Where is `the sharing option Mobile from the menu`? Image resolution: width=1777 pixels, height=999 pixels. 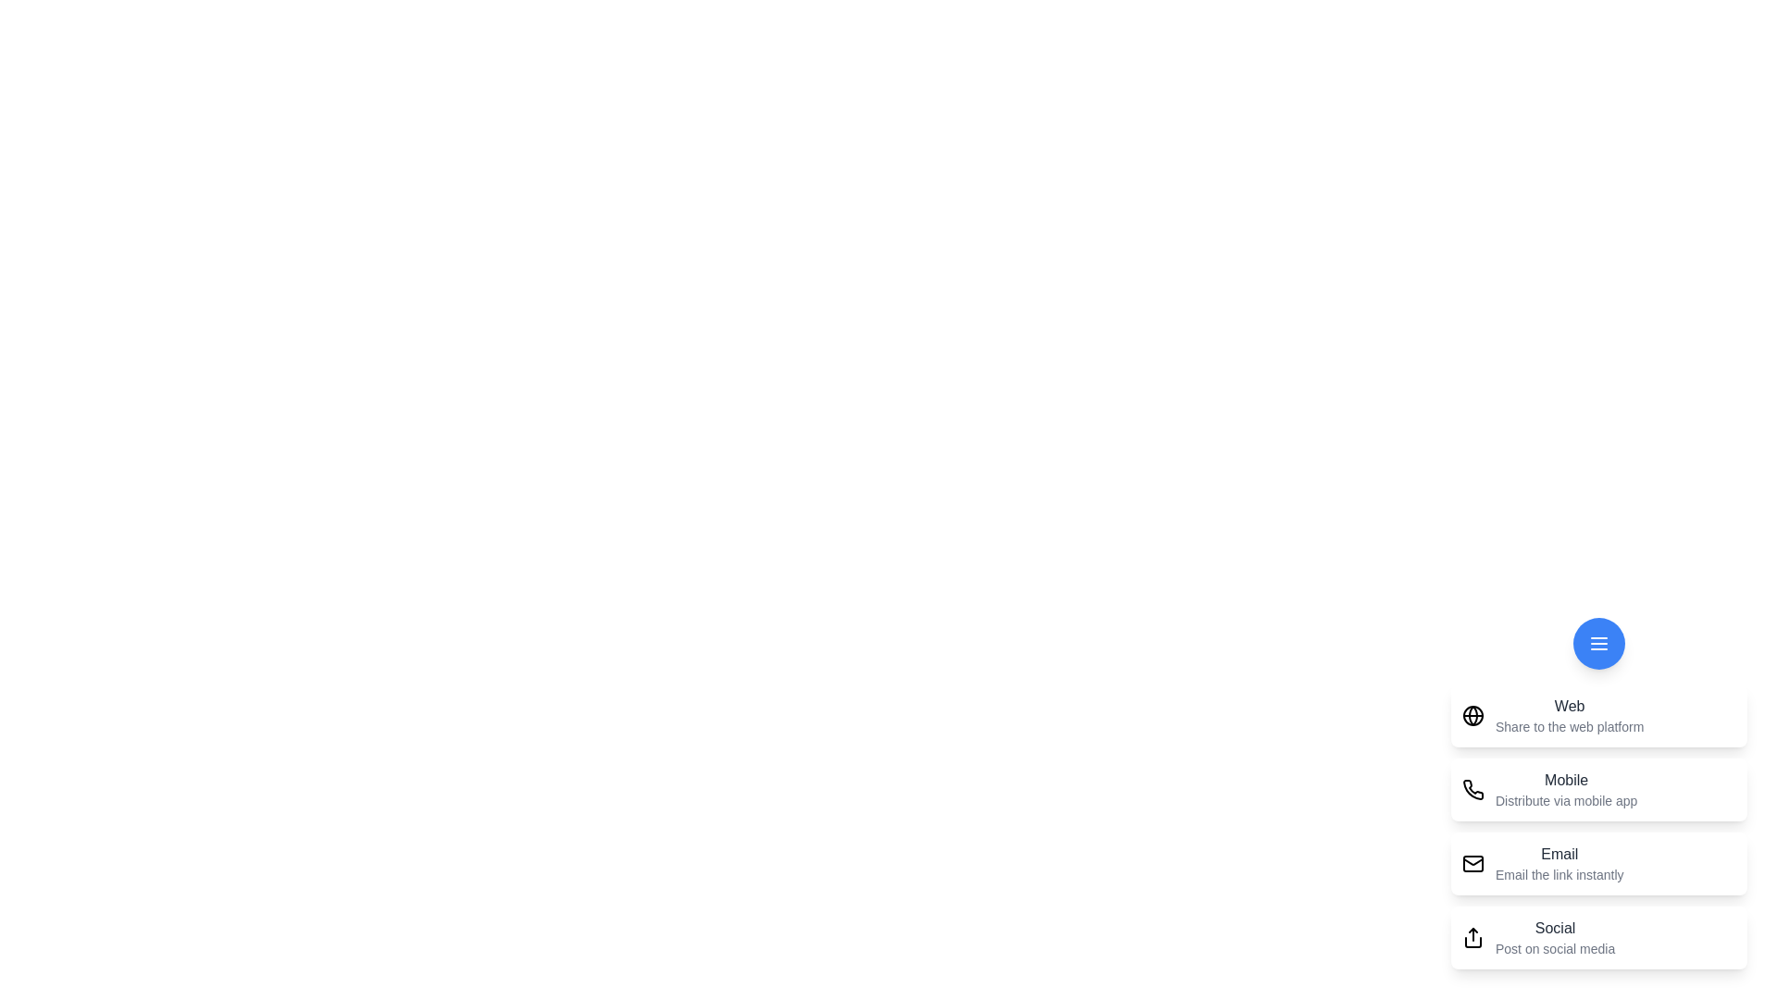 the sharing option Mobile from the menu is located at coordinates (1598, 789).